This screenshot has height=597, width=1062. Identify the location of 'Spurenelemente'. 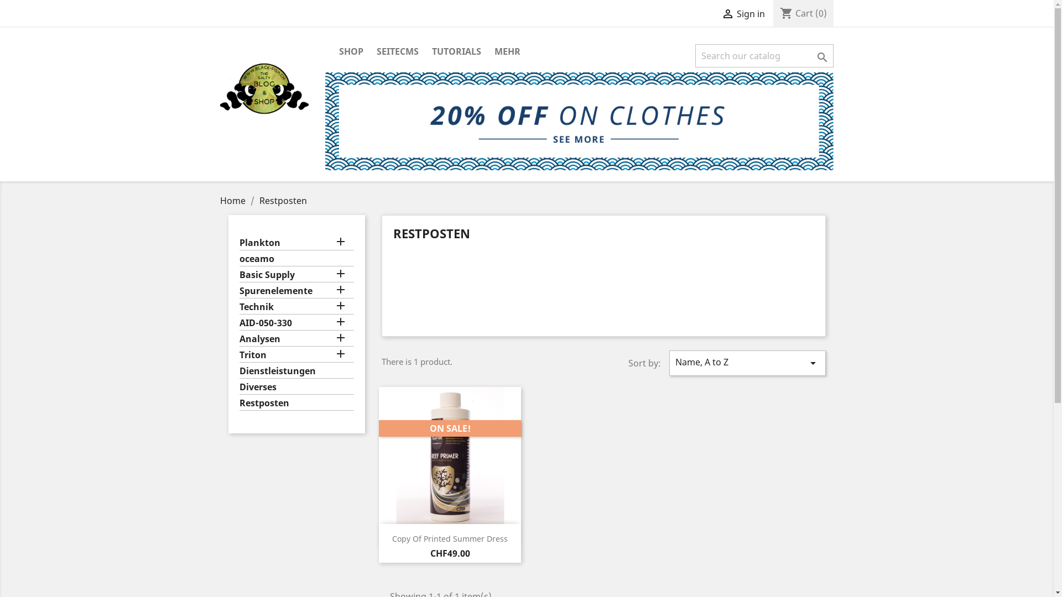
(296, 291).